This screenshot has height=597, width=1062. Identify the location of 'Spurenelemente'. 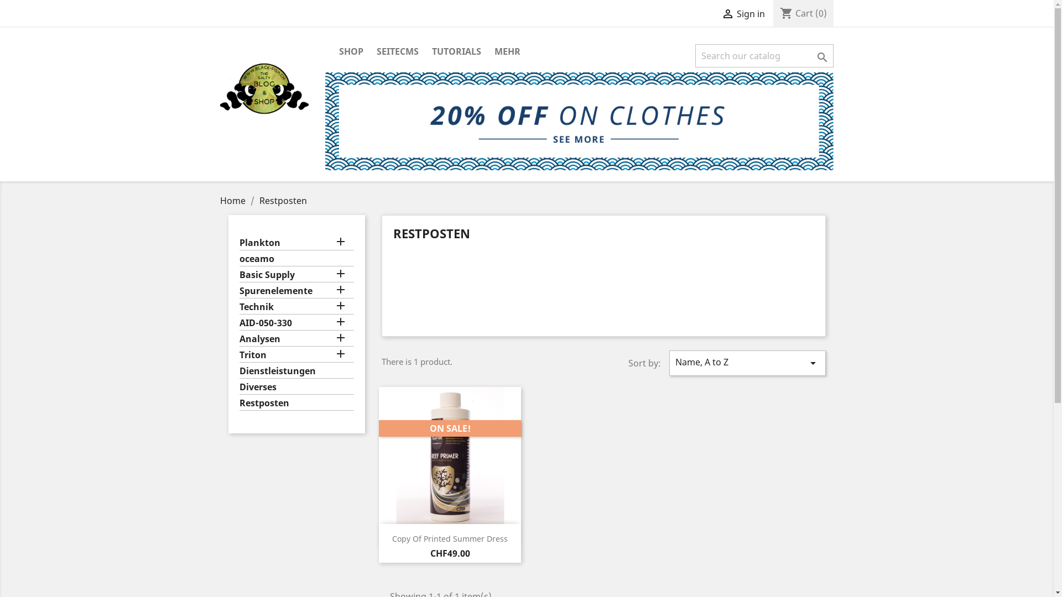
(296, 291).